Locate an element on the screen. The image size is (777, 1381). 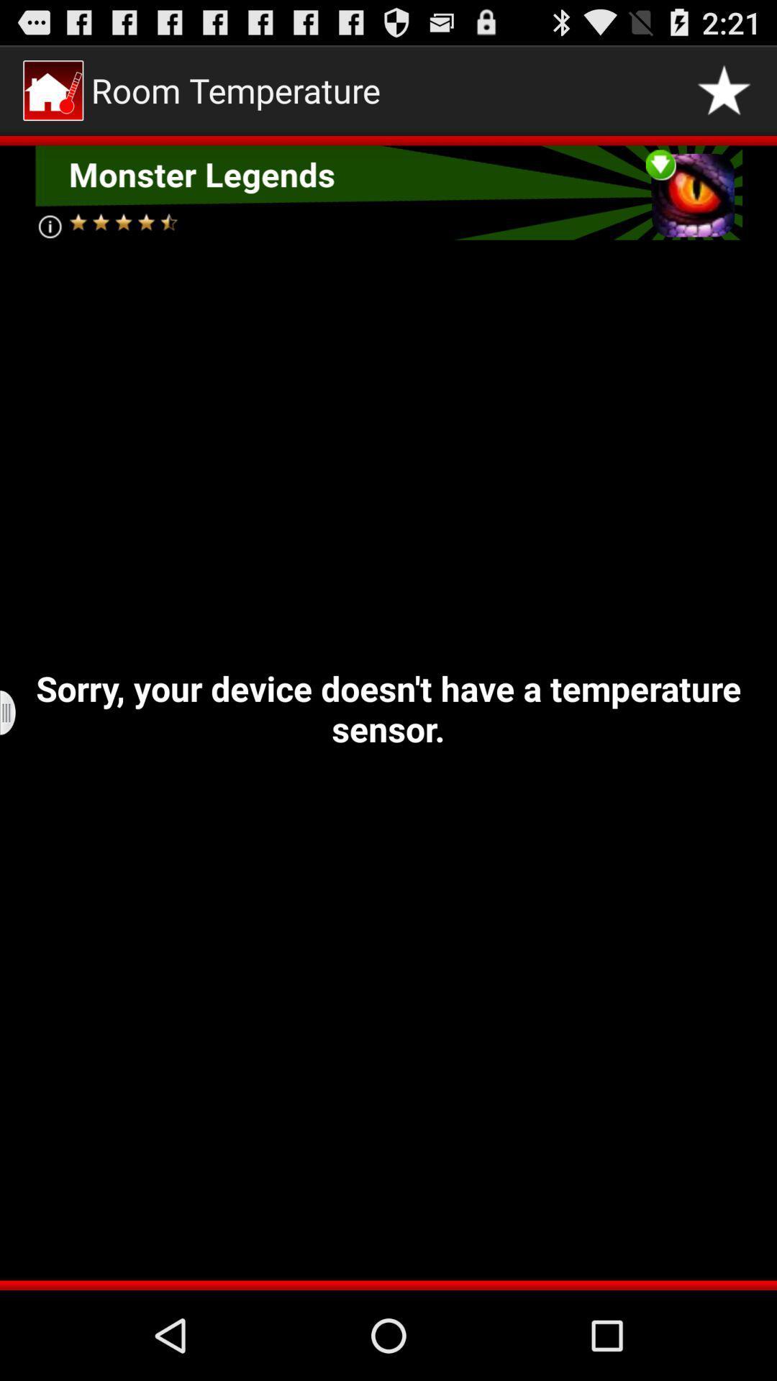
item to the right of room temperature item is located at coordinates (724, 89).